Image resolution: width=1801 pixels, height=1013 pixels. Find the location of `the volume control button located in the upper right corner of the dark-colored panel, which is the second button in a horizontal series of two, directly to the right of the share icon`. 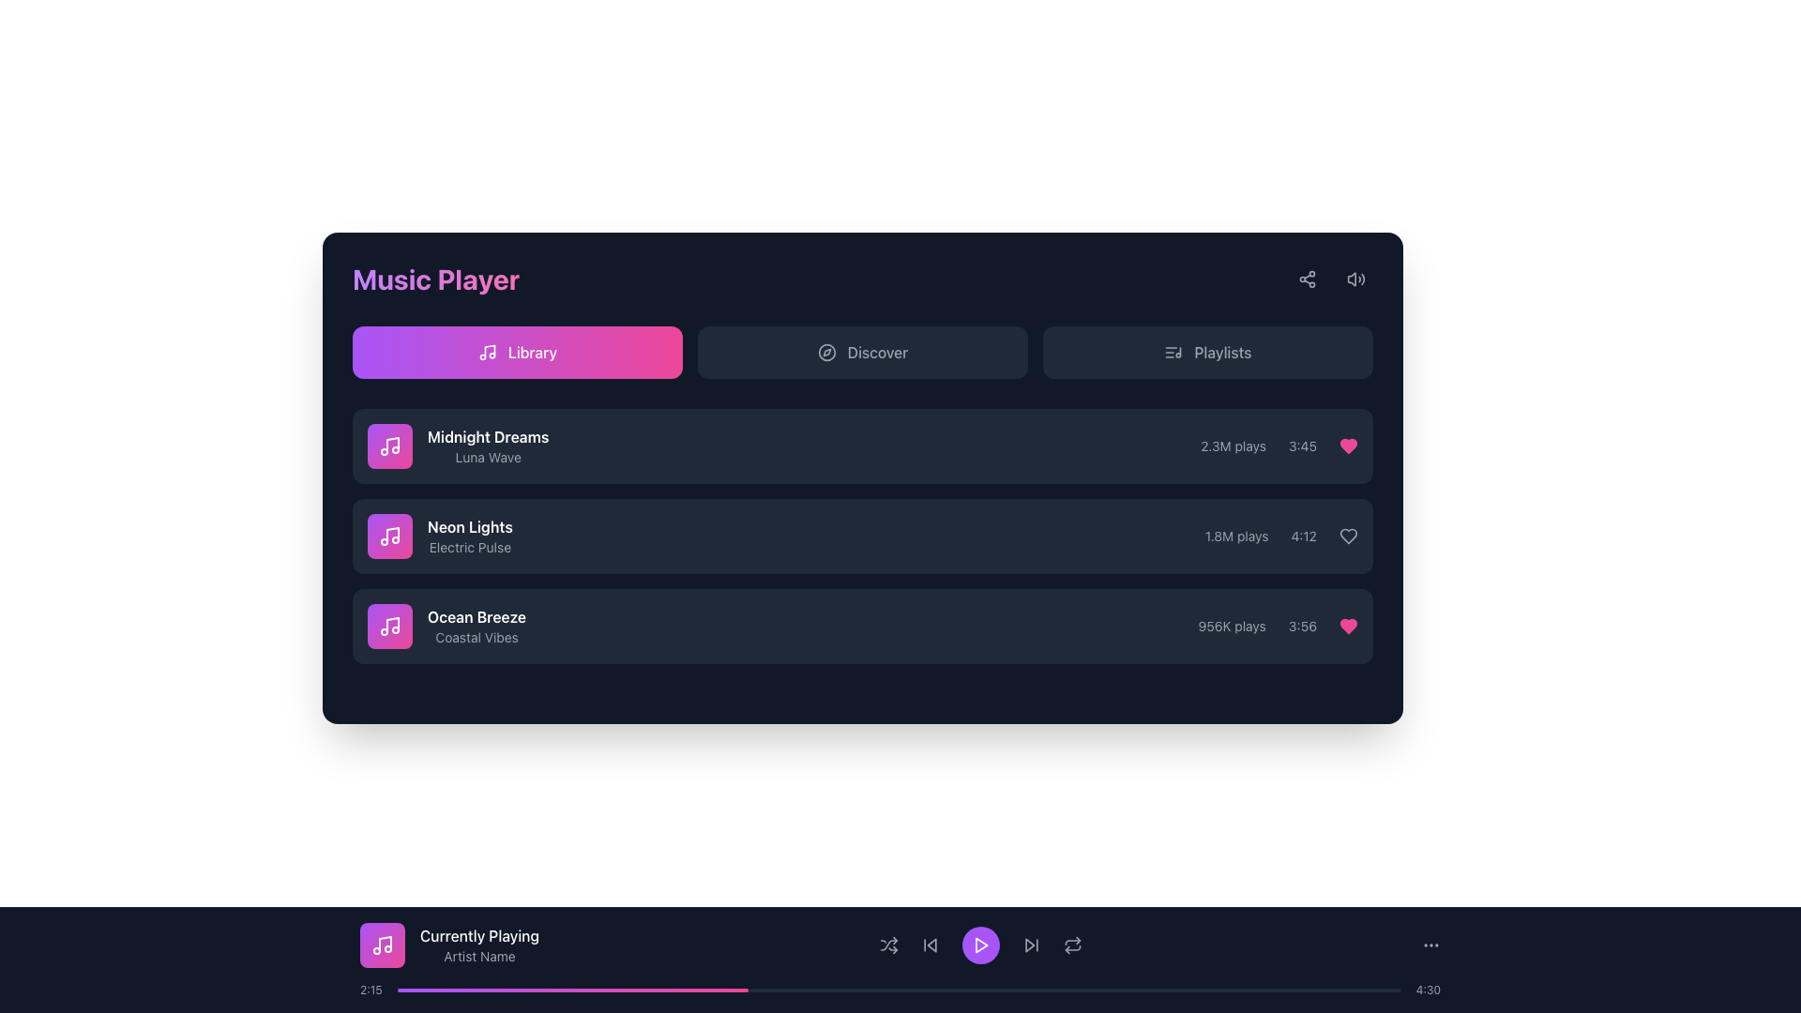

the volume control button located in the upper right corner of the dark-colored panel, which is the second button in a horizontal series of two, directly to the right of the share icon is located at coordinates (1355, 279).